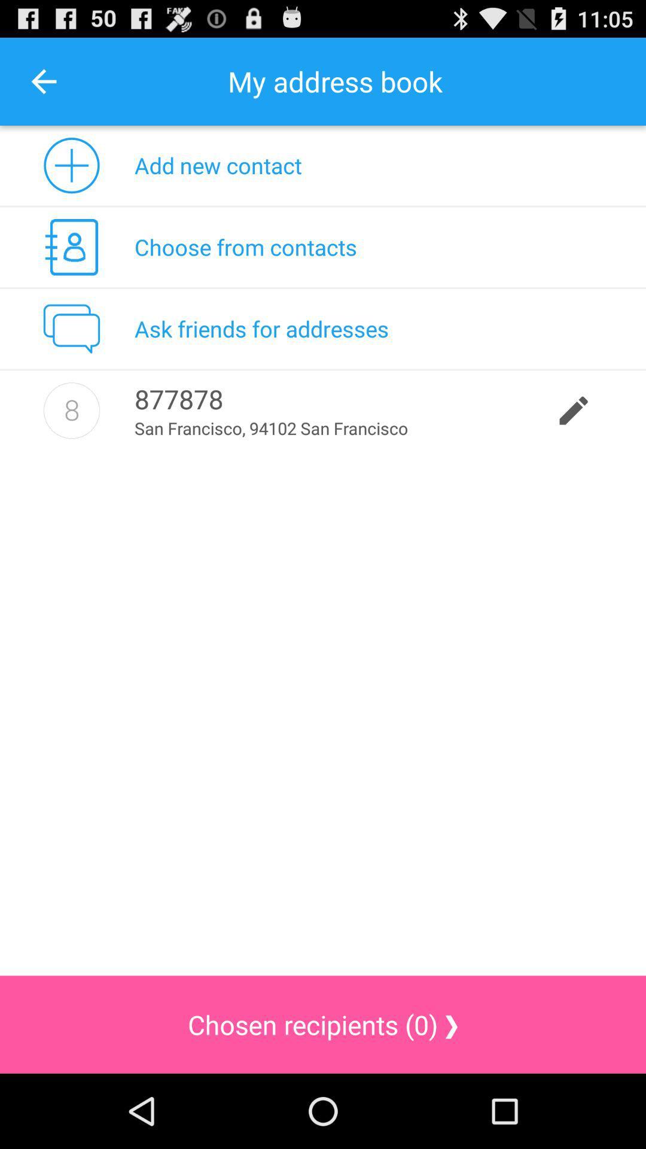 This screenshot has width=646, height=1149. I want to click on the item to the left of my address book, so click(43, 81).